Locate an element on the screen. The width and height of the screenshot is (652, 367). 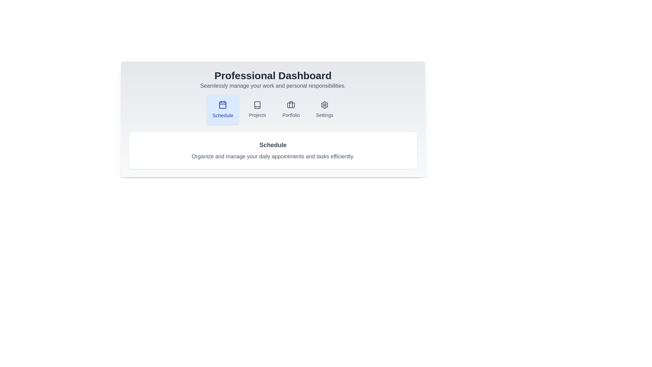
the Portfolio tab to navigate to its content is located at coordinates (291, 109).